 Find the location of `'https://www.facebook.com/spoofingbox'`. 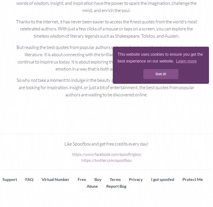

'https://www.facebook.com/spoofingbox' is located at coordinates (71, 154).